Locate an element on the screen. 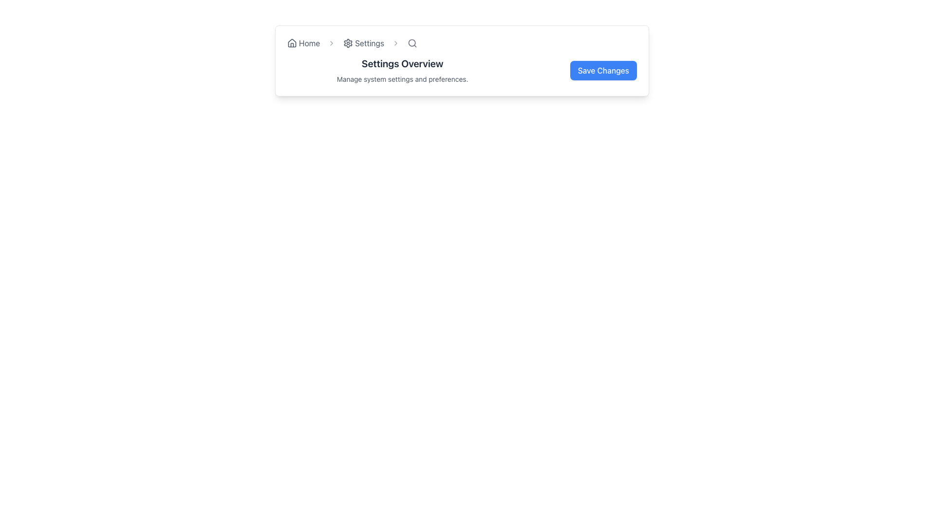 Image resolution: width=935 pixels, height=526 pixels. the text label that reads 'Manage system settings and preferences.' located beneath the title in the settings overview interface is located at coordinates (402, 78).